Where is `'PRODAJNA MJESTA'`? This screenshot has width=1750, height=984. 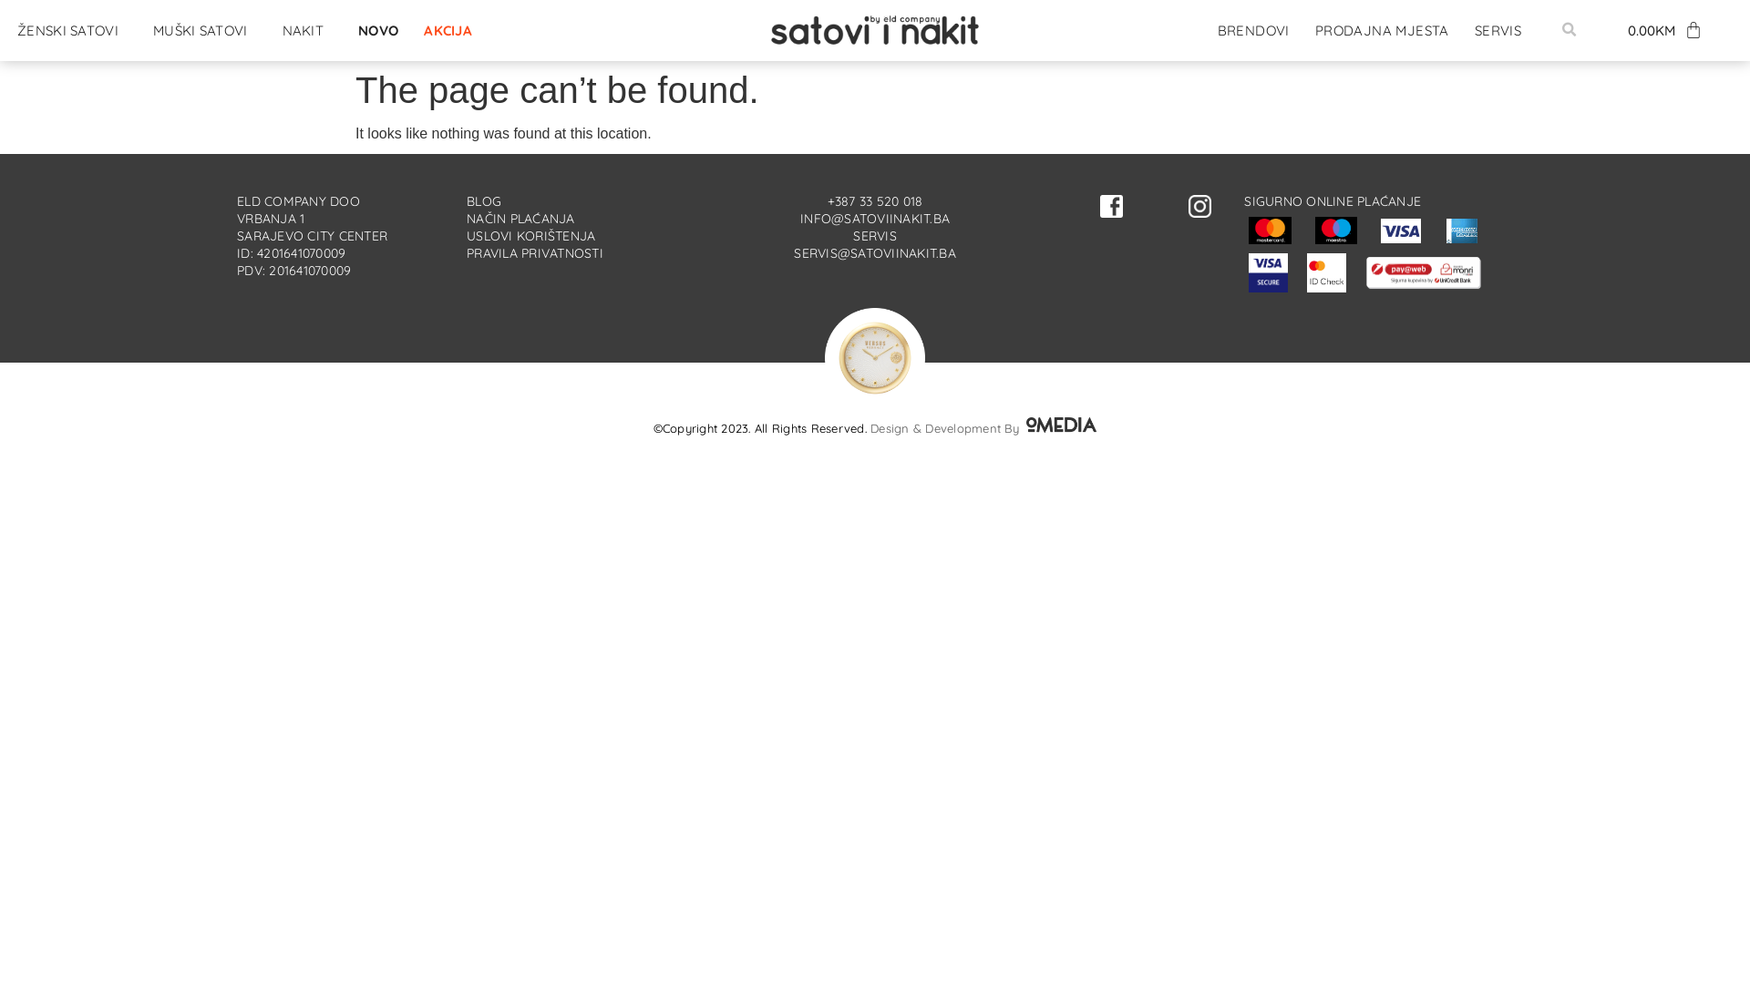 'PRODAJNA MJESTA' is located at coordinates (1382, 30).